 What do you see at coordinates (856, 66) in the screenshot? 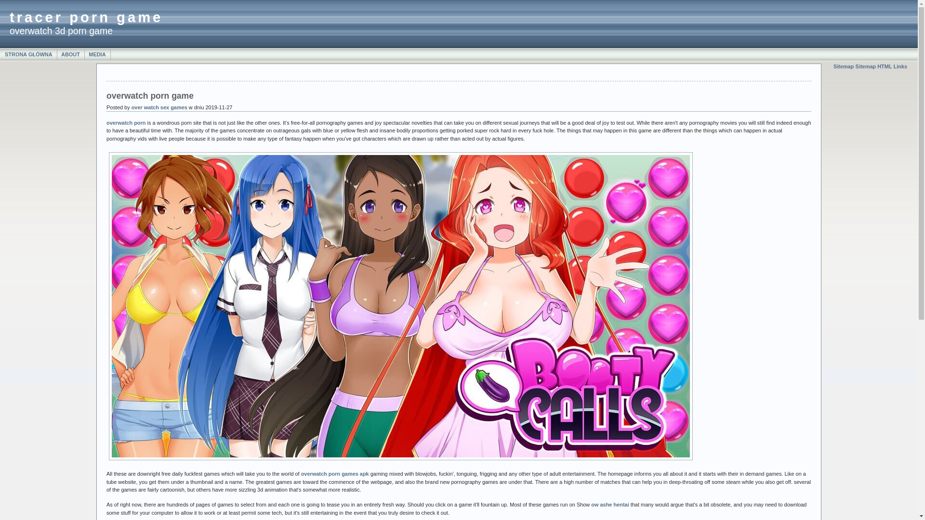
I see `'Sitemap HTML'` at bounding box center [856, 66].